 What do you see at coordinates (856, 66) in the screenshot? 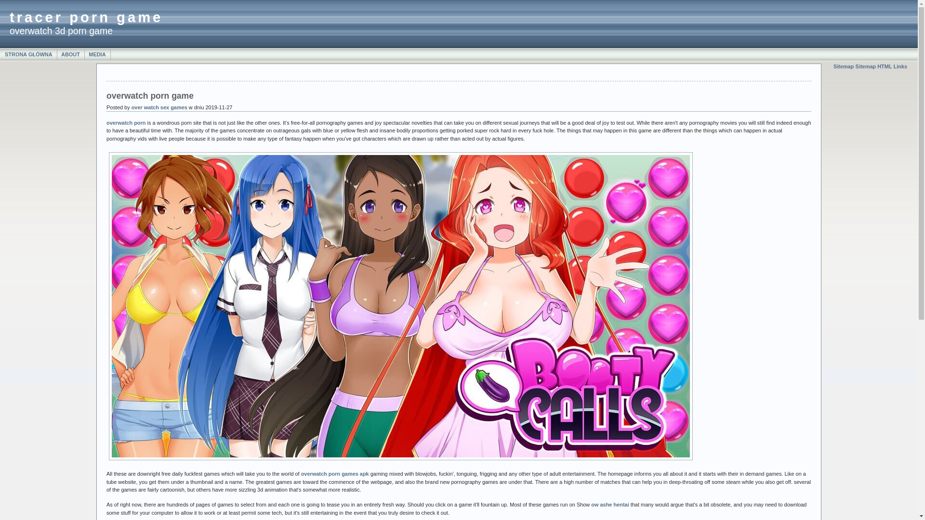
I see `'Sitemap HTML'` at bounding box center [856, 66].